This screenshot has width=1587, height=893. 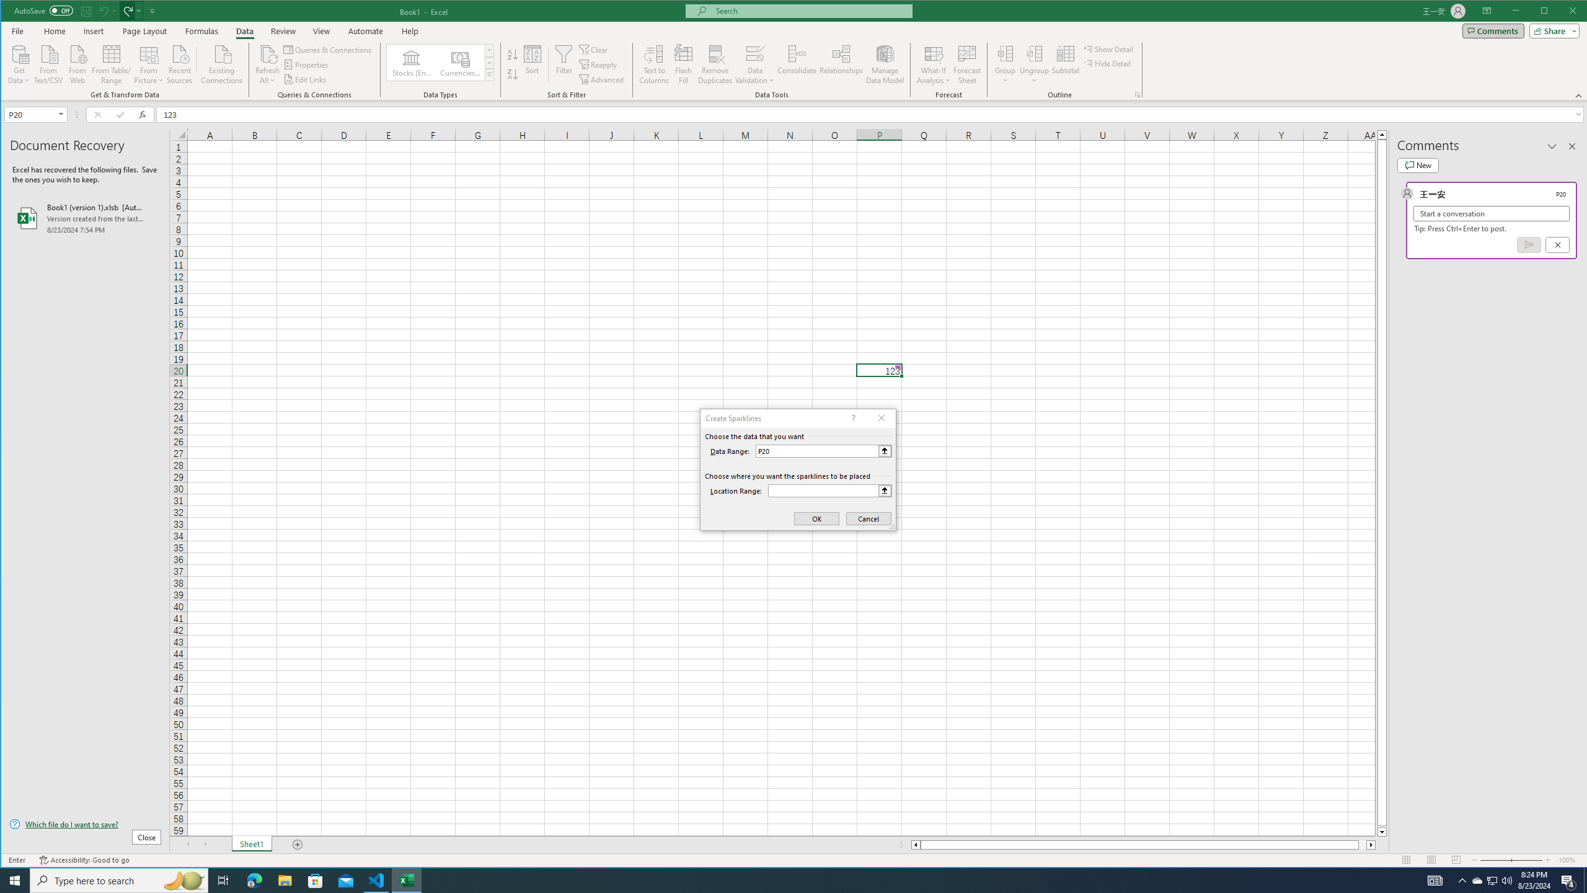 I want to click on 'What-If Analysis', so click(x=933, y=64).